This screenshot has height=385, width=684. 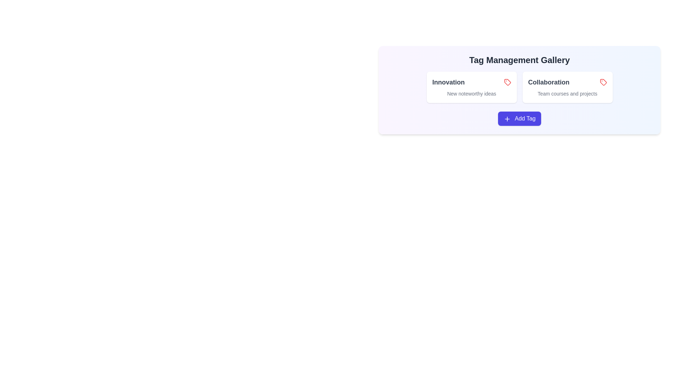 I want to click on the icon located in the top-left card of the Tag Management Gallery interface, specifically to the right of the text 'Innovation', so click(x=507, y=82).